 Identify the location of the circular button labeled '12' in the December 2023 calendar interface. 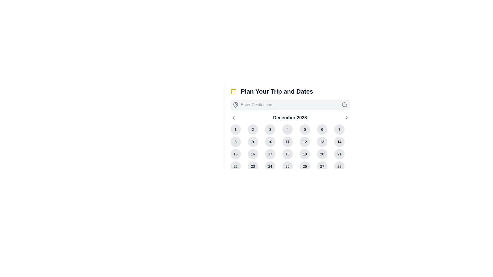
(305, 142).